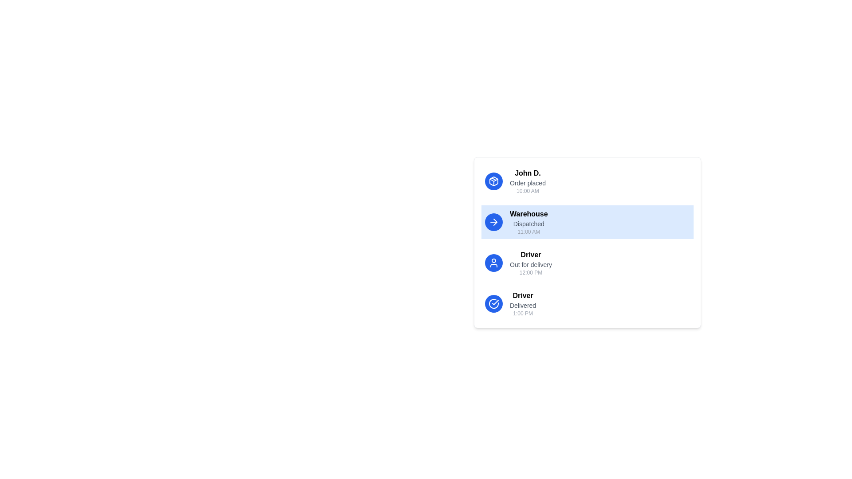  Describe the element at coordinates (523, 303) in the screenshot. I see `the text display component that indicates the completion of a delivery task in the timeline interface, located at the bottom entry below 'Driver' and 'Out for delivery'` at that location.